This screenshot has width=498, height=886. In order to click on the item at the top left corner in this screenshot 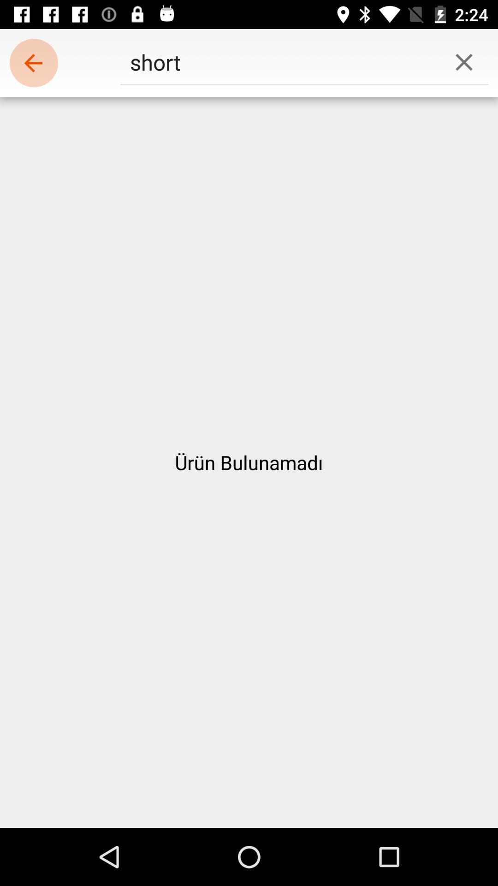, I will do `click(33, 62)`.